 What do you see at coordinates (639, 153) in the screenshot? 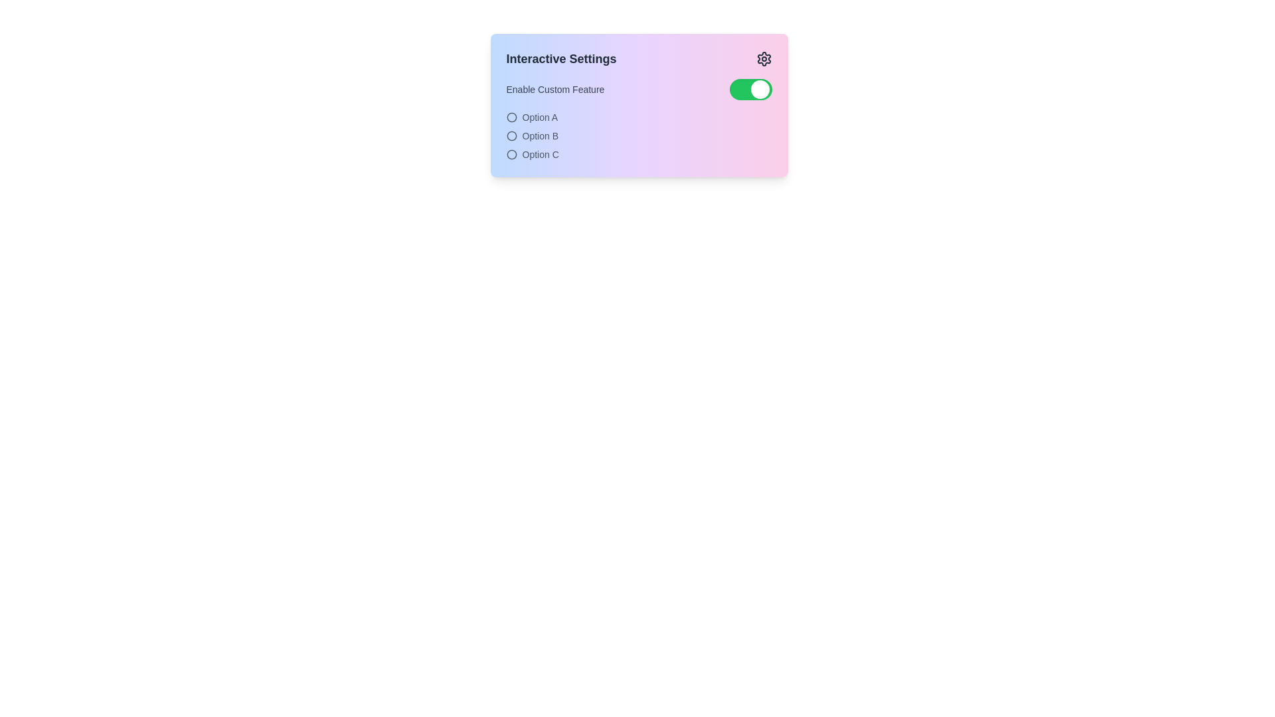
I see `the radio button labeled 'Option C'` at bounding box center [639, 153].